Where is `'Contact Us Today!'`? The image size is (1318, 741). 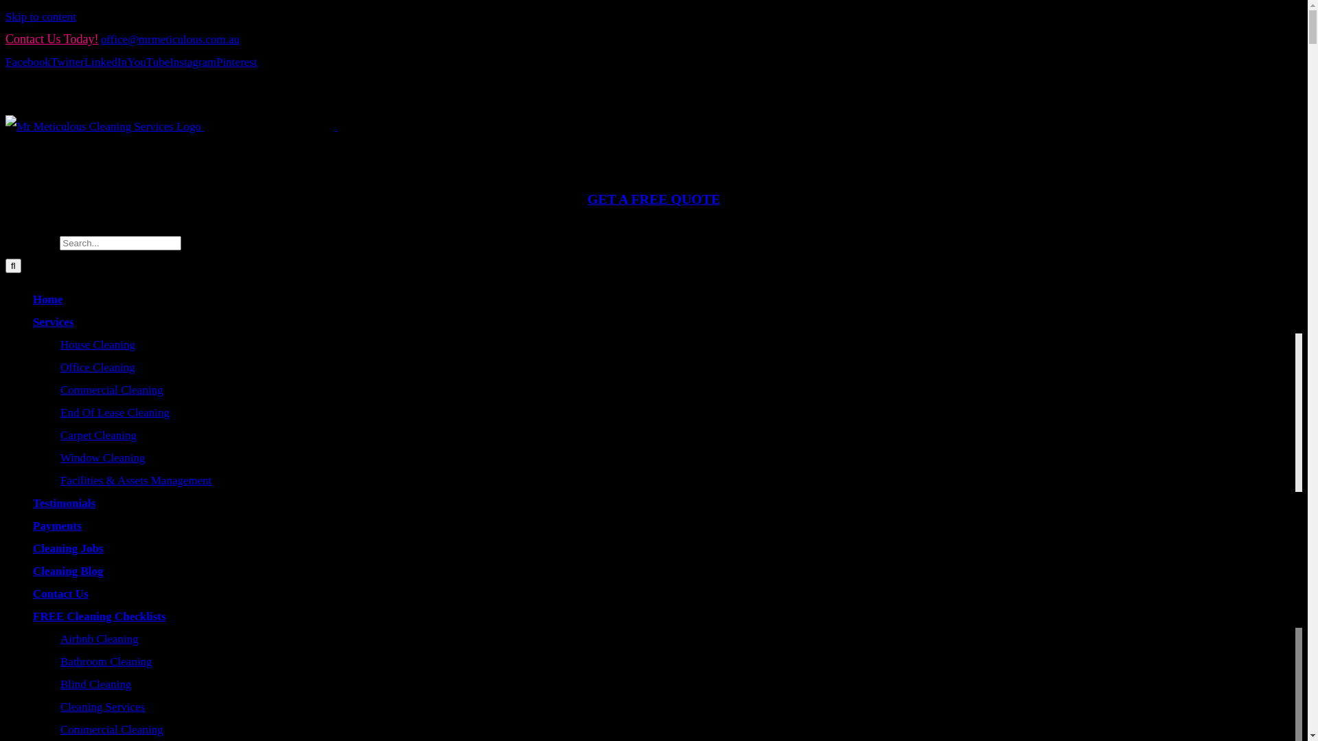 'Contact Us Today!' is located at coordinates (51, 38).